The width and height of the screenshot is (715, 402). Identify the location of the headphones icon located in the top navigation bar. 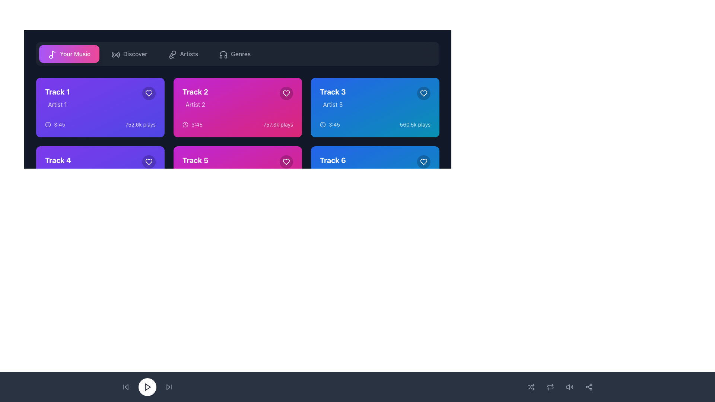
(223, 54).